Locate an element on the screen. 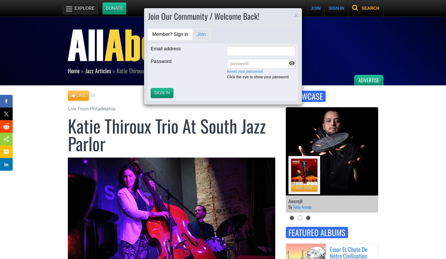 This screenshot has height=259, width=446. 'Sign in' is located at coordinates (162, 92).